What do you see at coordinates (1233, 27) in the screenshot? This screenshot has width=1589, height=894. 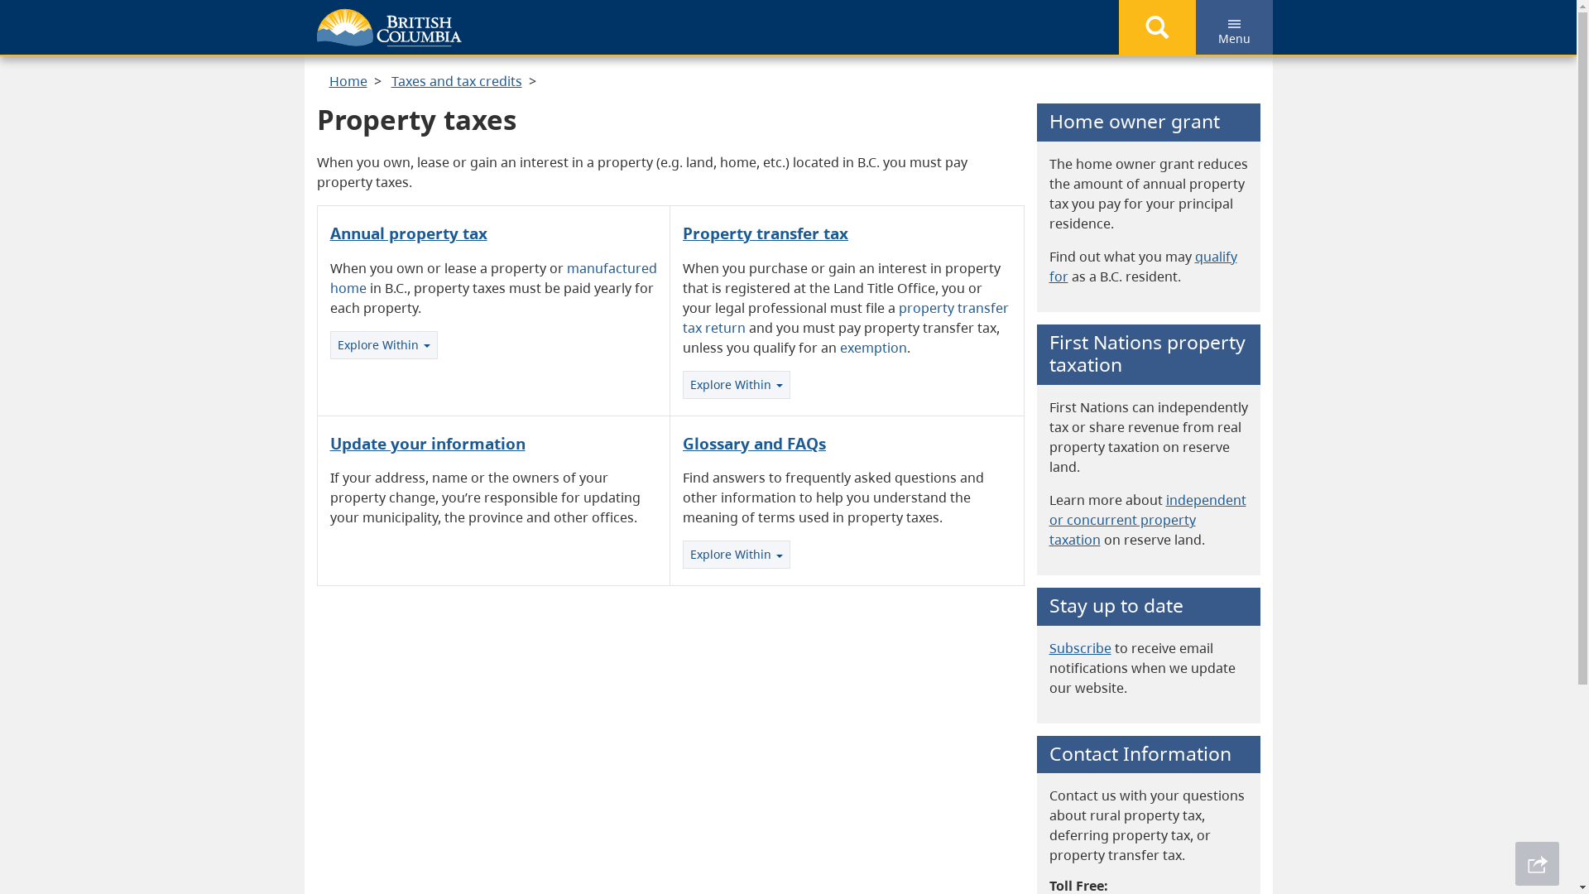 I see `'Menu'` at bounding box center [1233, 27].